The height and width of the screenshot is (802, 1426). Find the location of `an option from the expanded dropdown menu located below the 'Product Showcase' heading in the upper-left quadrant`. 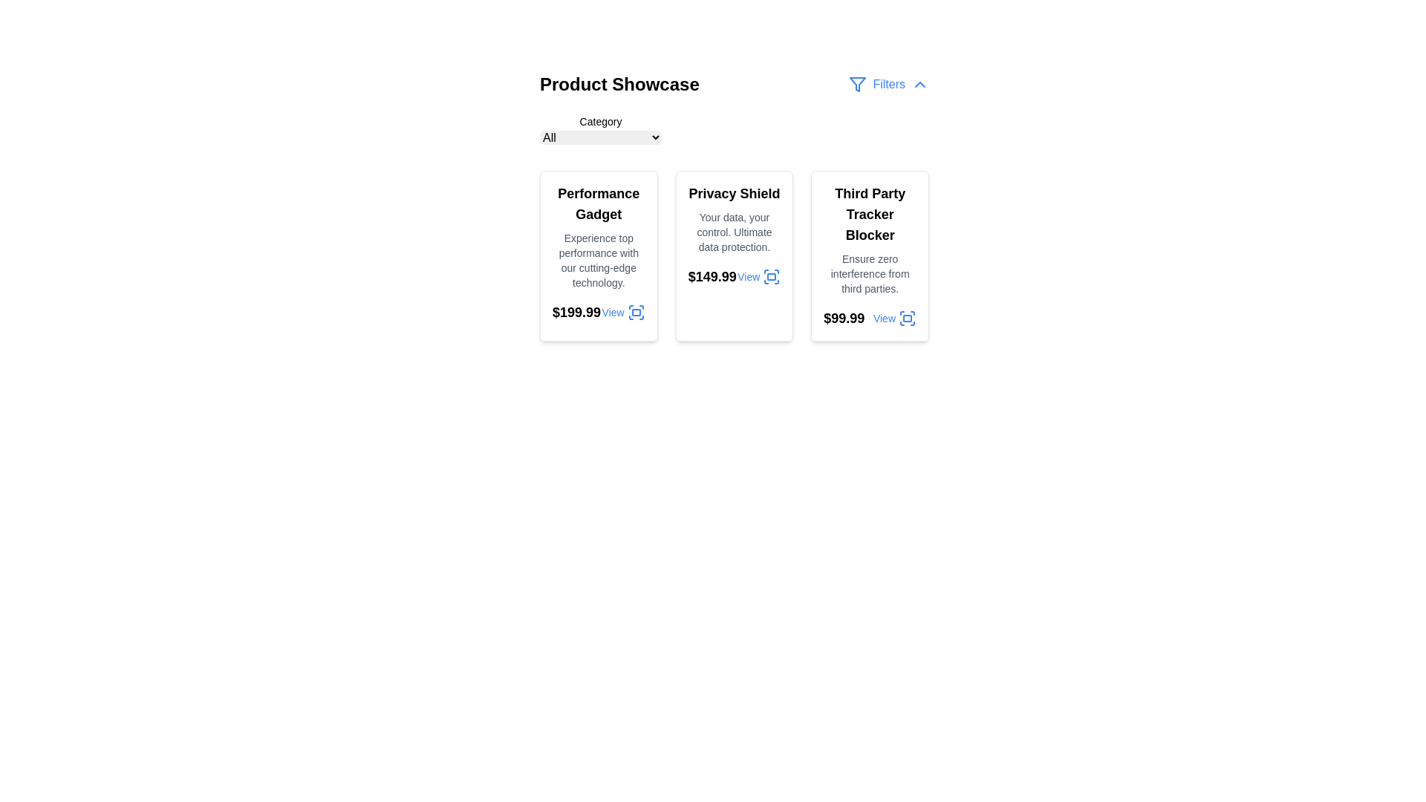

an option from the expanded dropdown menu located below the 'Product Showcase' heading in the upper-left quadrant is located at coordinates (601, 130).